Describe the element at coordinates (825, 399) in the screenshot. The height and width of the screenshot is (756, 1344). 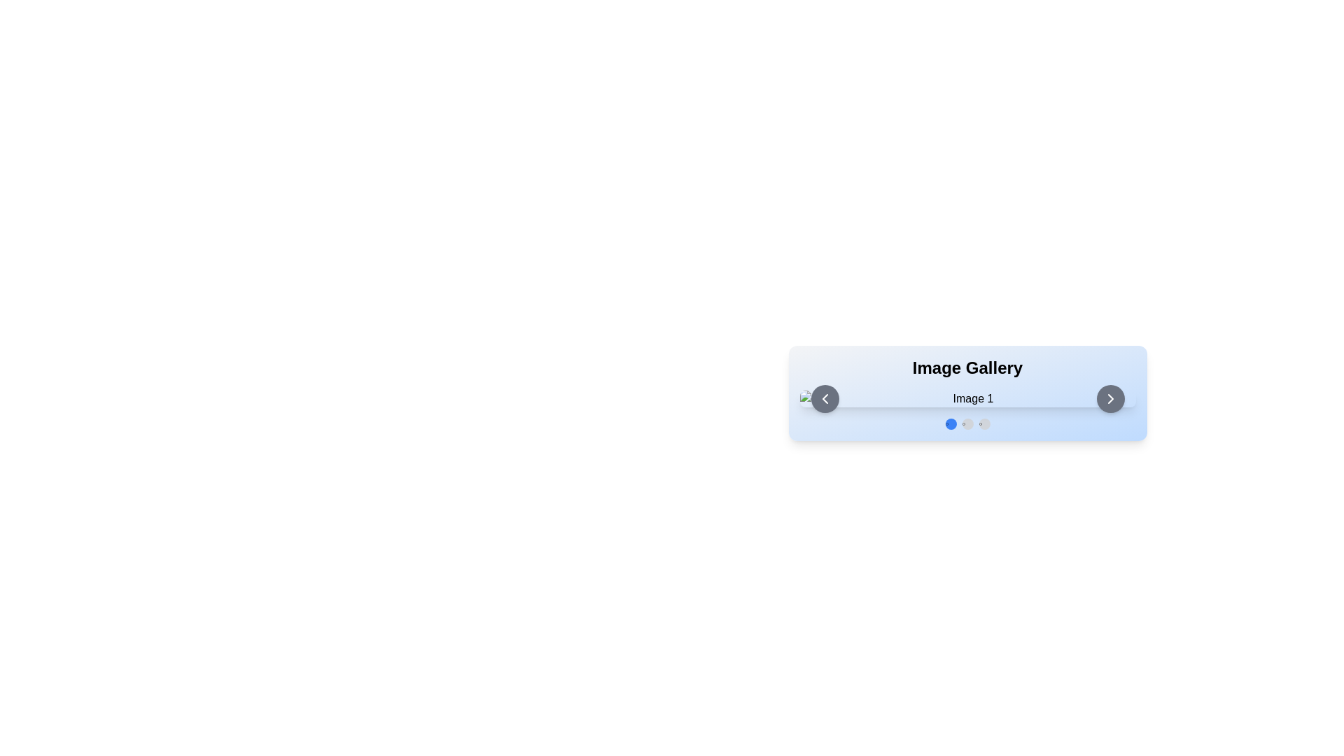
I see `the left navigation button icon` at that location.